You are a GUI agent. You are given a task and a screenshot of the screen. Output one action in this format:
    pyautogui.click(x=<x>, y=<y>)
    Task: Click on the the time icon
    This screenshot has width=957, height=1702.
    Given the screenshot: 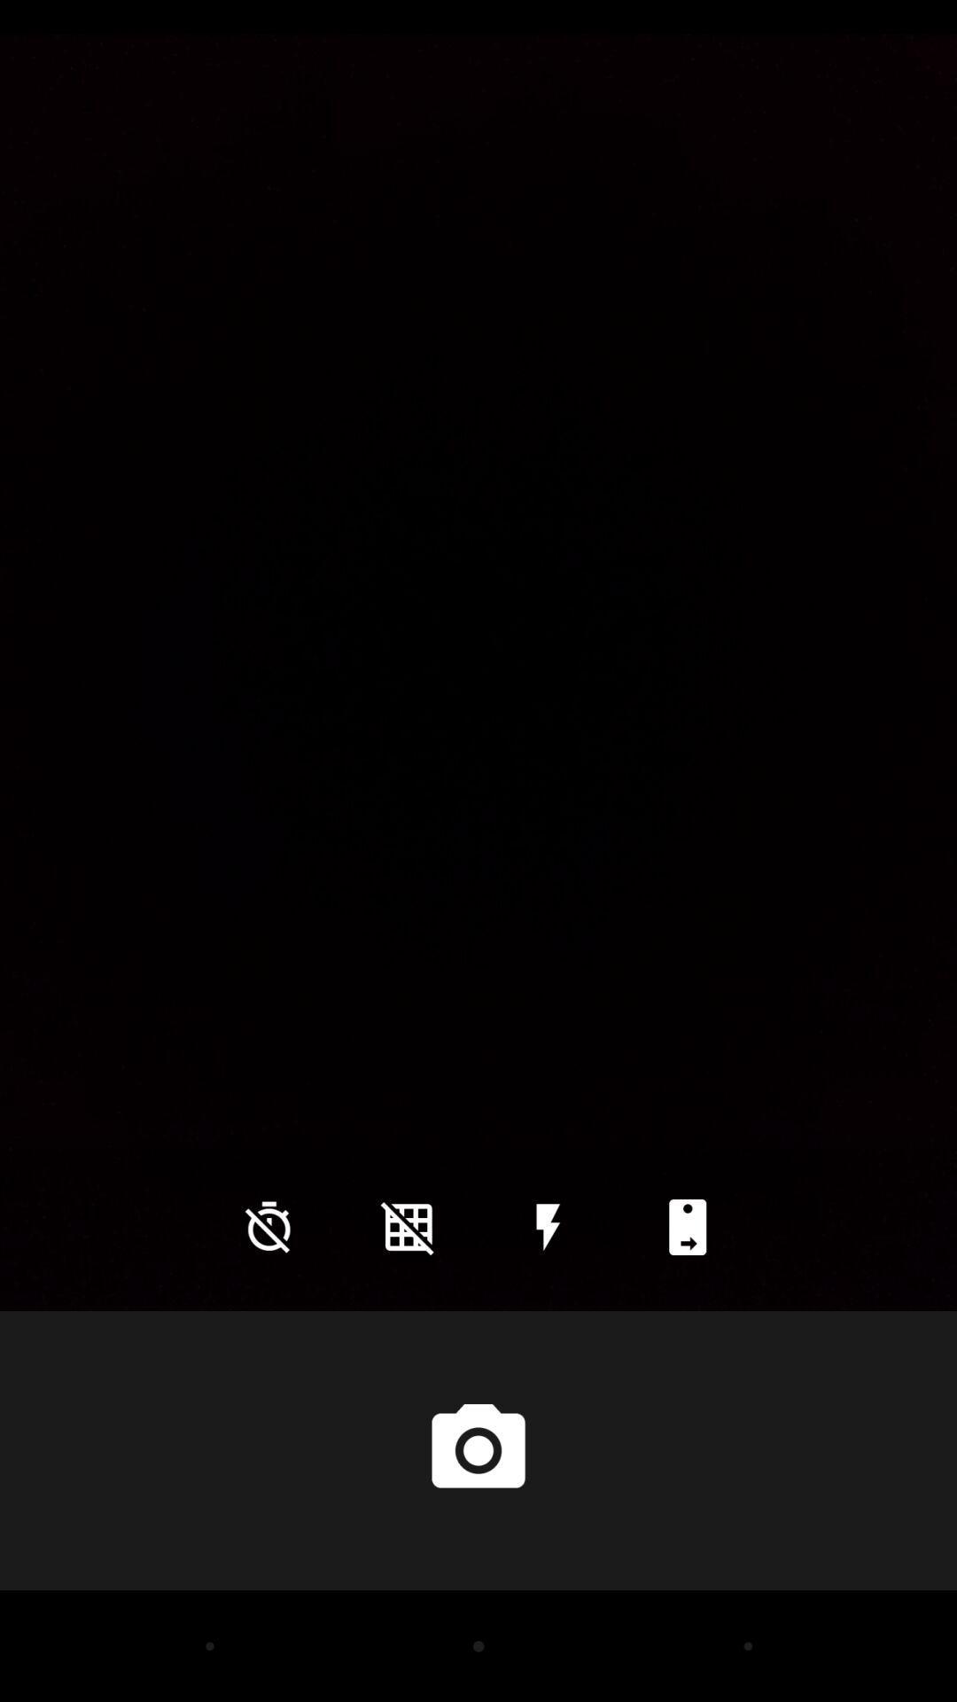 What is the action you would take?
    pyautogui.click(x=268, y=1226)
    